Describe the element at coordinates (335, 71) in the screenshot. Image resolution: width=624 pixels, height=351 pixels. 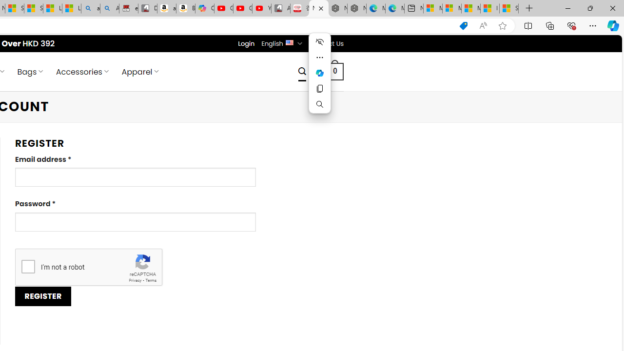
I see `' 0 '` at that location.